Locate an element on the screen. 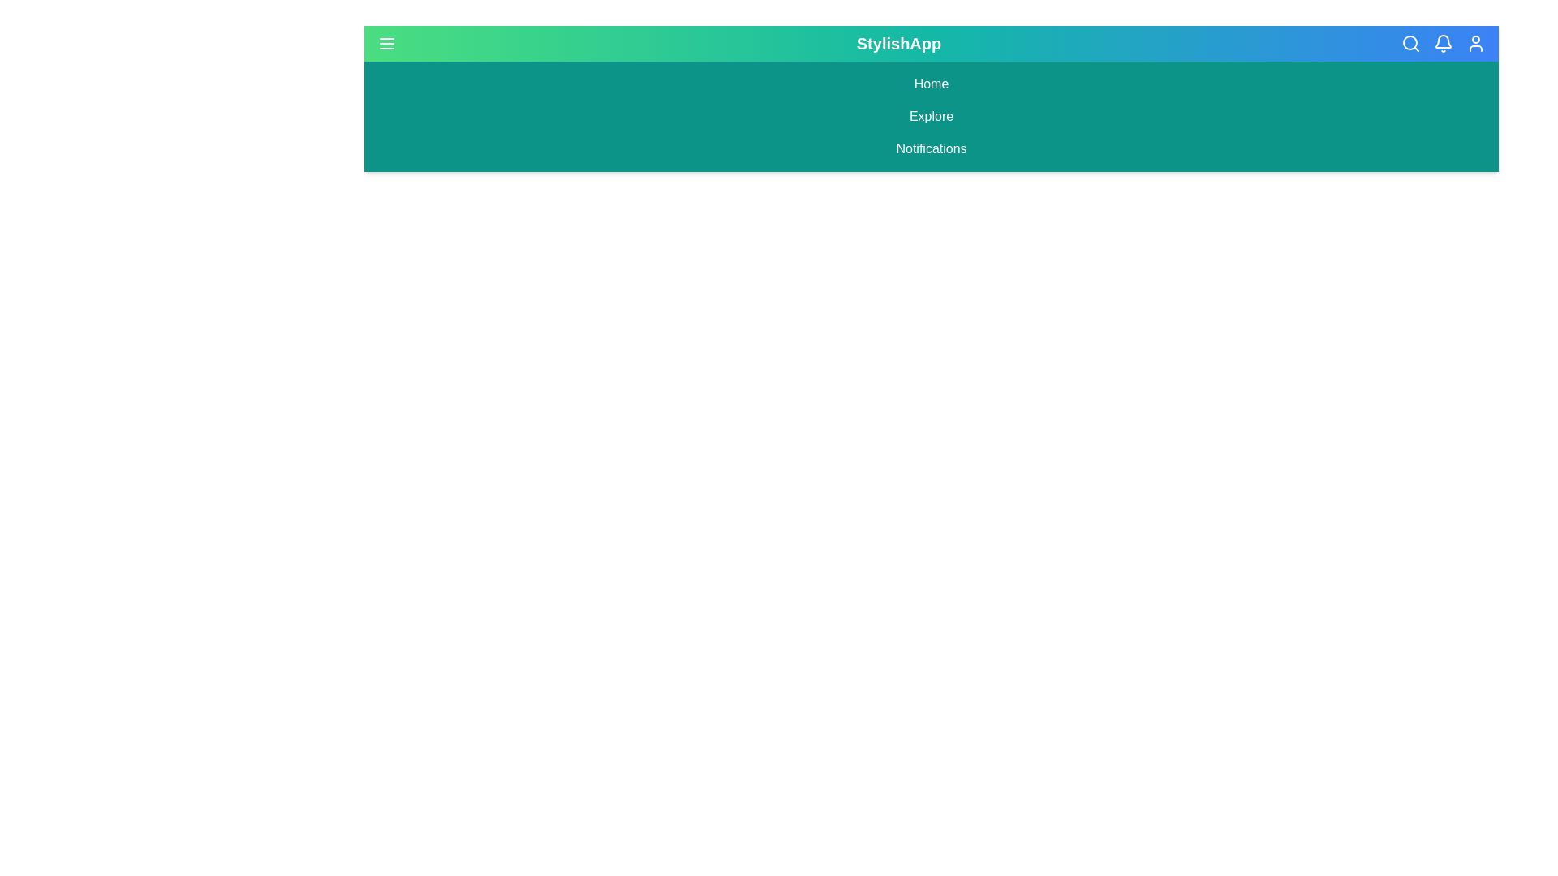 Image resolution: width=1558 pixels, height=876 pixels. the navigation link Home is located at coordinates (931, 84).